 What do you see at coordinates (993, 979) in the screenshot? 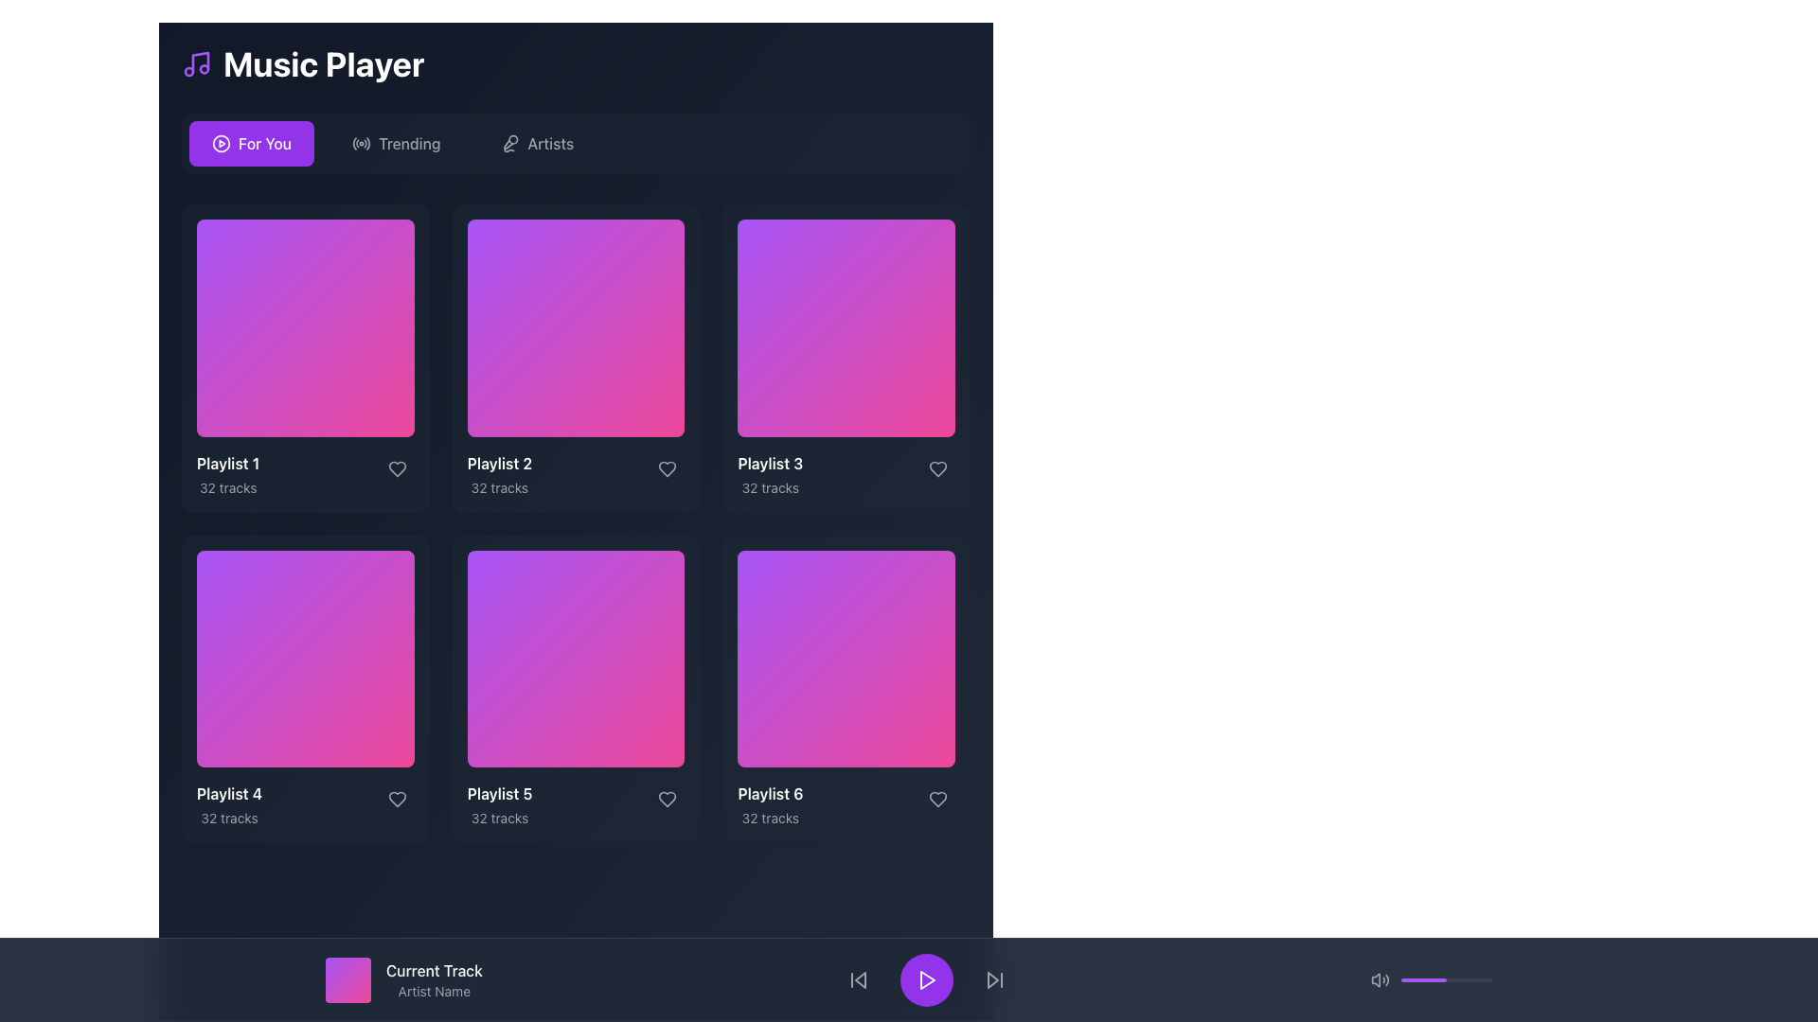
I see `the 'next track' button located at the bottom right of the music player interface` at bounding box center [993, 979].